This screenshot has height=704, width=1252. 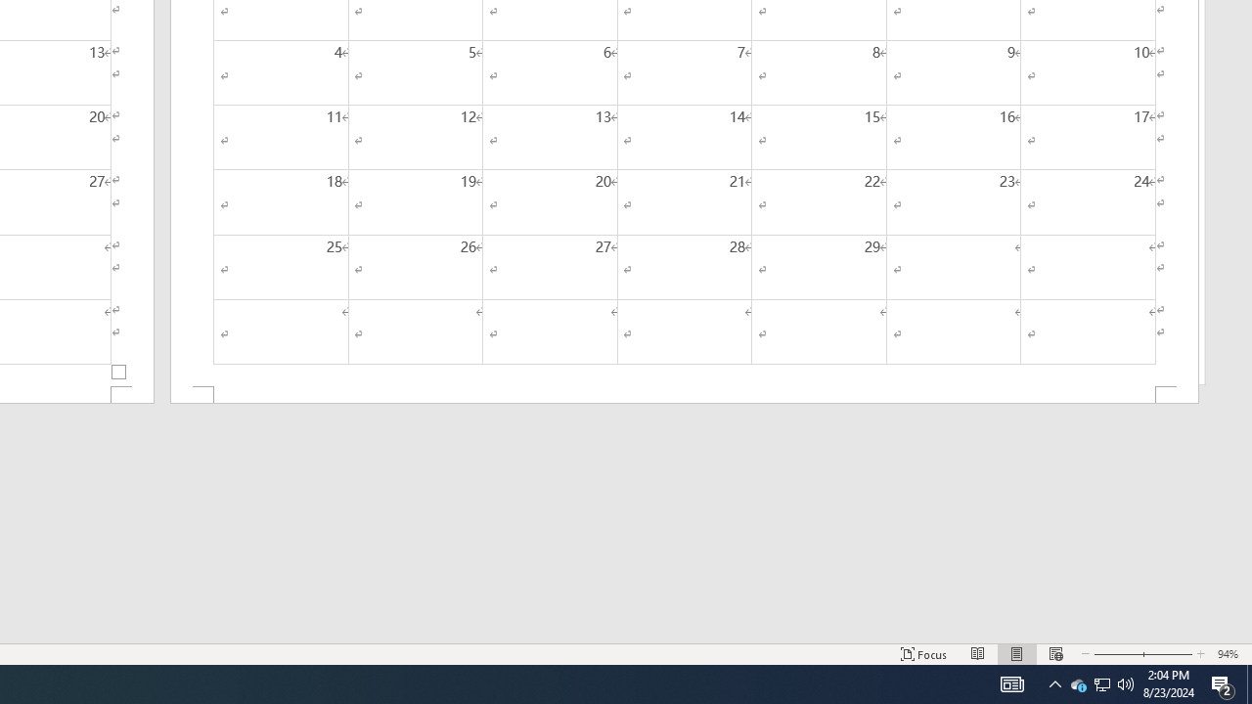 What do you see at coordinates (685, 395) in the screenshot?
I see `'Footer -Section 2-'` at bounding box center [685, 395].